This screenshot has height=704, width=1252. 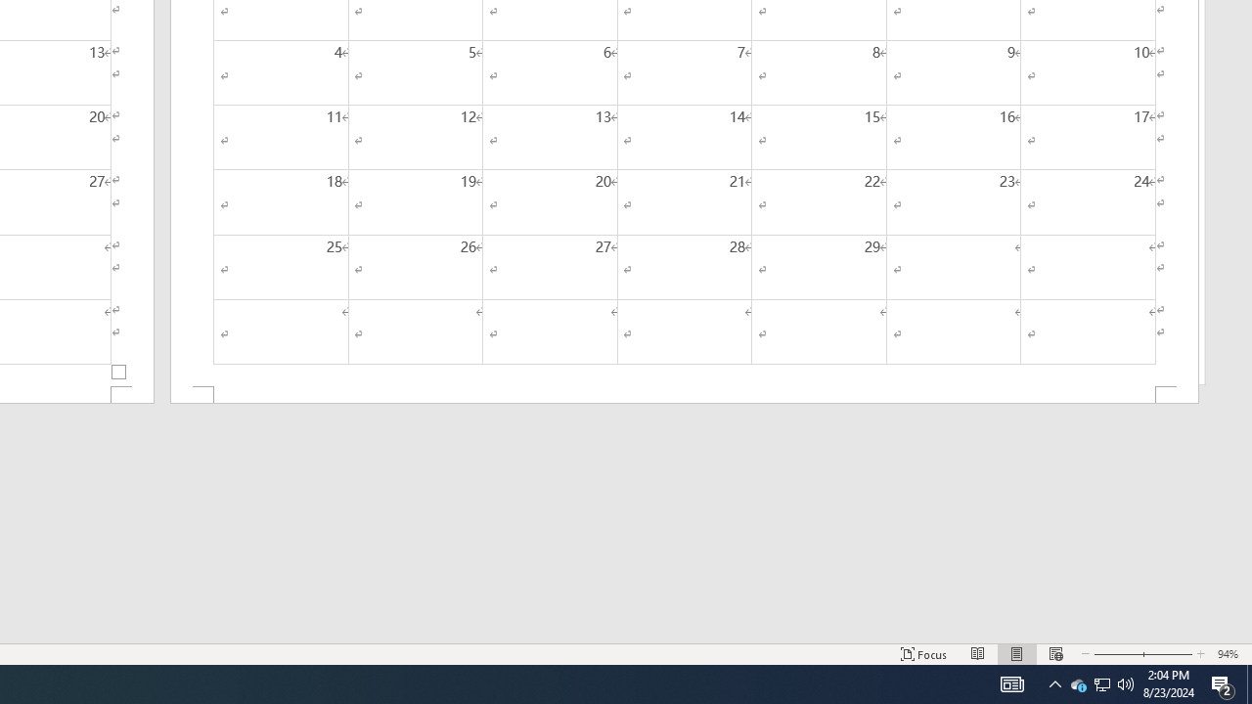 What do you see at coordinates (685, 395) in the screenshot?
I see `'Footer -Section 2-'` at bounding box center [685, 395].